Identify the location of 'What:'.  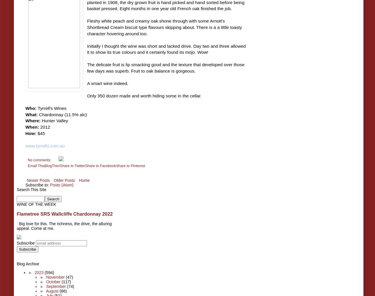
(31, 114).